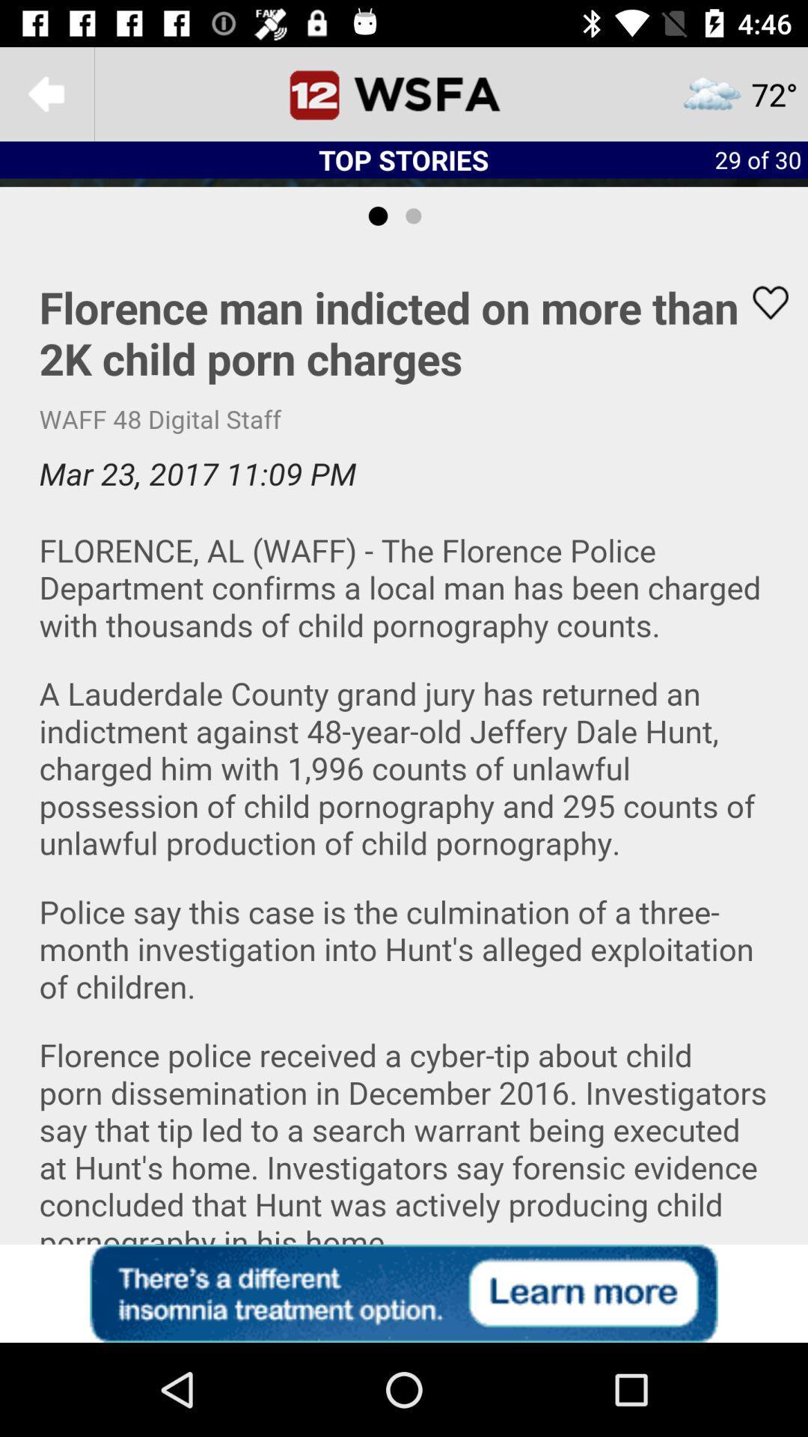  What do you see at coordinates (46, 93) in the screenshot?
I see `the arrow_backward icon` at bounding box center [46, 93].